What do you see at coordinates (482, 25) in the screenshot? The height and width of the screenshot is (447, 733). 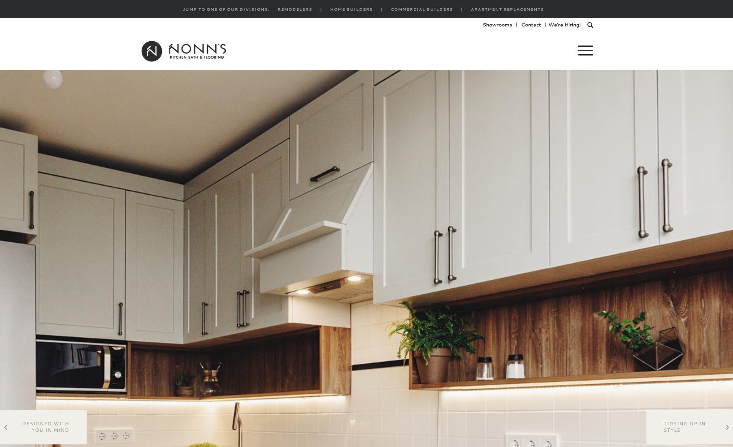 I see `'Showrooms'` at bounding box center [482, 25].